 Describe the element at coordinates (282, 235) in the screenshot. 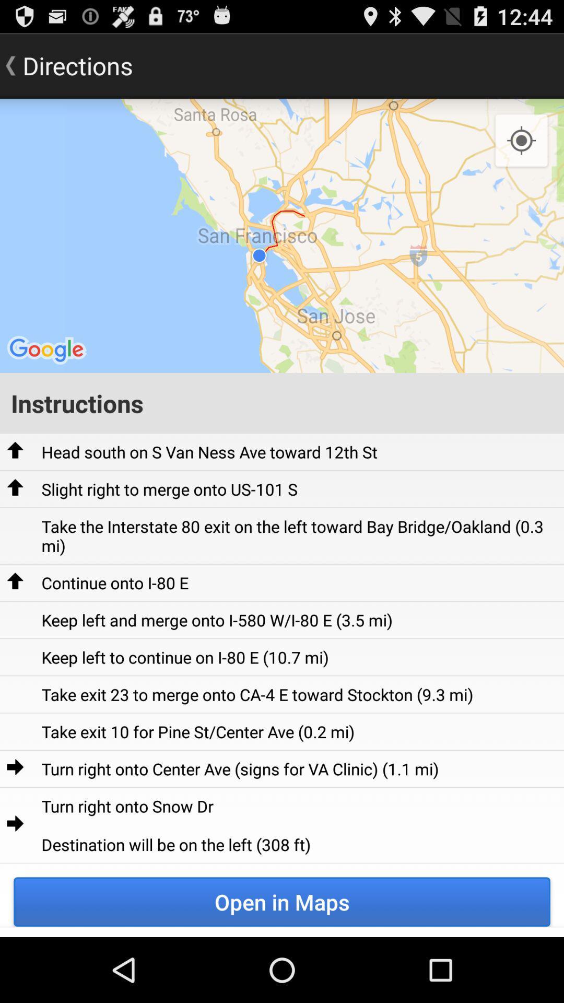

I see `the app below directions icon` at that location.